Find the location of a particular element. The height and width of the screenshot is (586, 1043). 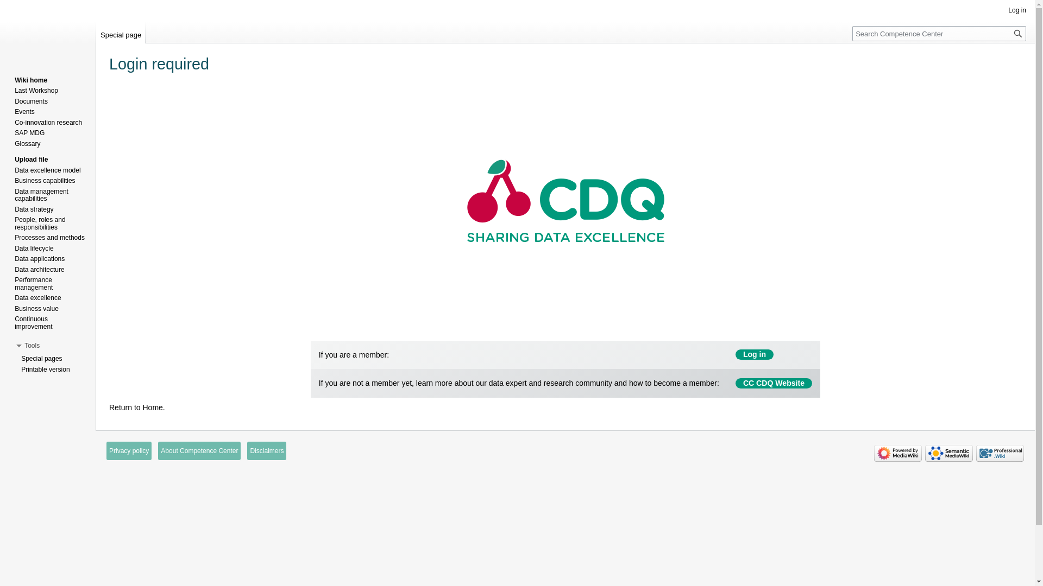

'Search' is located at coordinates (1017, 33).